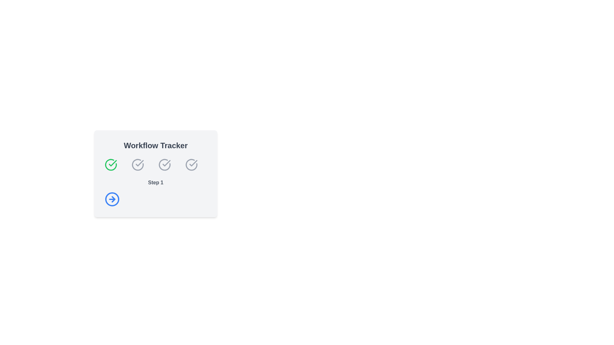 The width and height of the screenshot is (614, 345). Describe the element at coordinates (164, 165) in the screenshot. I see `the circular icon with a gray checkmark inside, which is the third icon in a row of four, located under the 'Workflow Tracker' label and above the 'Step 1' text` at that location.